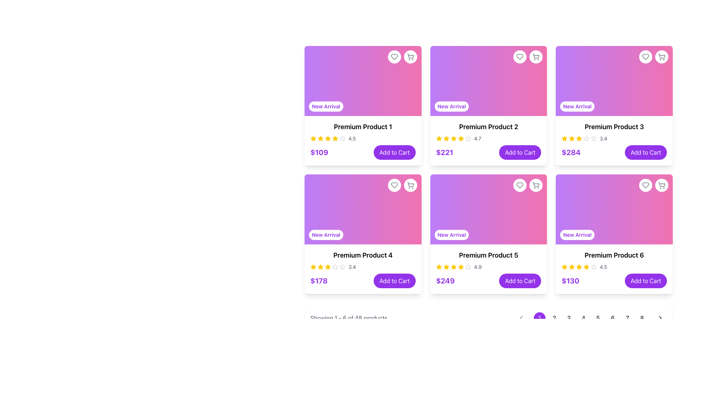  What do you see at coordinates (653, 56) in the screenshot?
I see `the interactive group of action icons in the top-right corner of the 'Premium Product 3' card` at bounding box center [653, 56].